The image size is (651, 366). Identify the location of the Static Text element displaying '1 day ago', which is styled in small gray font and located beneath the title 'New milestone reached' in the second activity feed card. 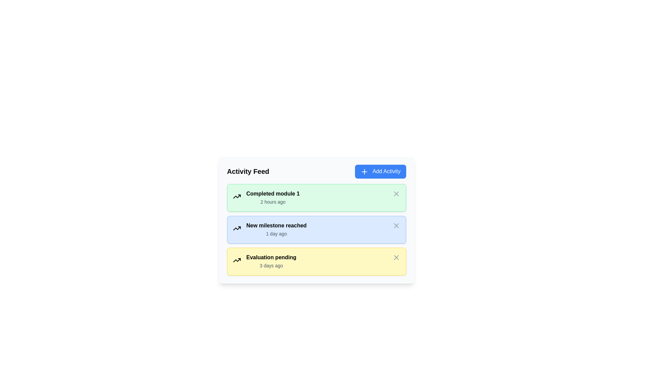
(276, 233).